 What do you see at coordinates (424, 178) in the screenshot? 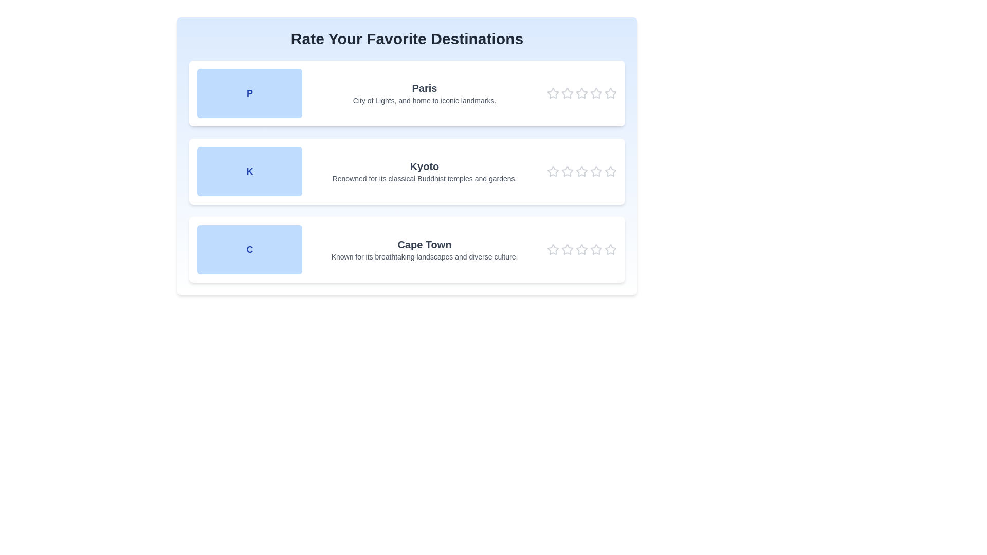
I see `the text label providing additional details about 'Kyoto' located under the heading in the second box of the vertically stacked card interface` at bounding box center [424, 178].